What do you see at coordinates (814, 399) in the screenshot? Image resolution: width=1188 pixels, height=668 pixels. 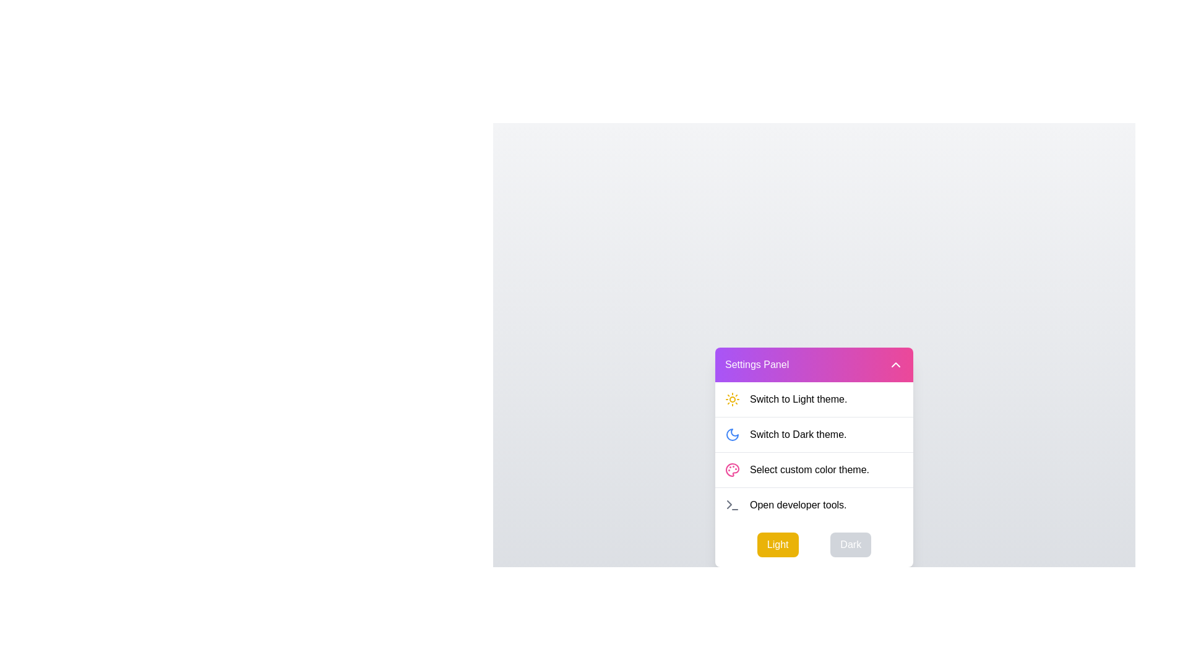 I see `the 'Switch to Light theme' option` at bounding box center [814, 399].